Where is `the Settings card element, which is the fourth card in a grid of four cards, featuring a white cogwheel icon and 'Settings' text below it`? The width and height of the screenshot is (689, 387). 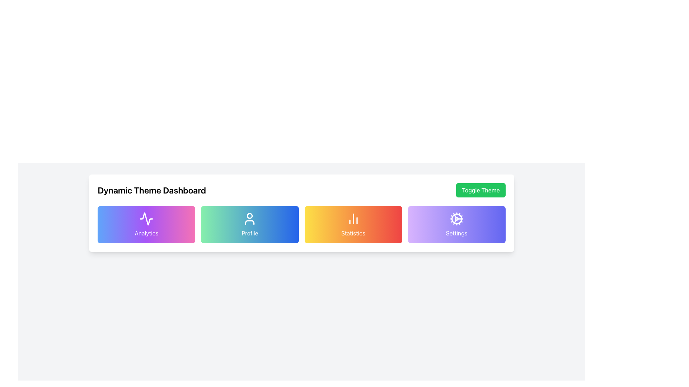 the Settings card element, which is the fourth card in a grid of four cards, featuring a white cogwheel icon and 'Settings' text below it is located at coordinates (456, 224).